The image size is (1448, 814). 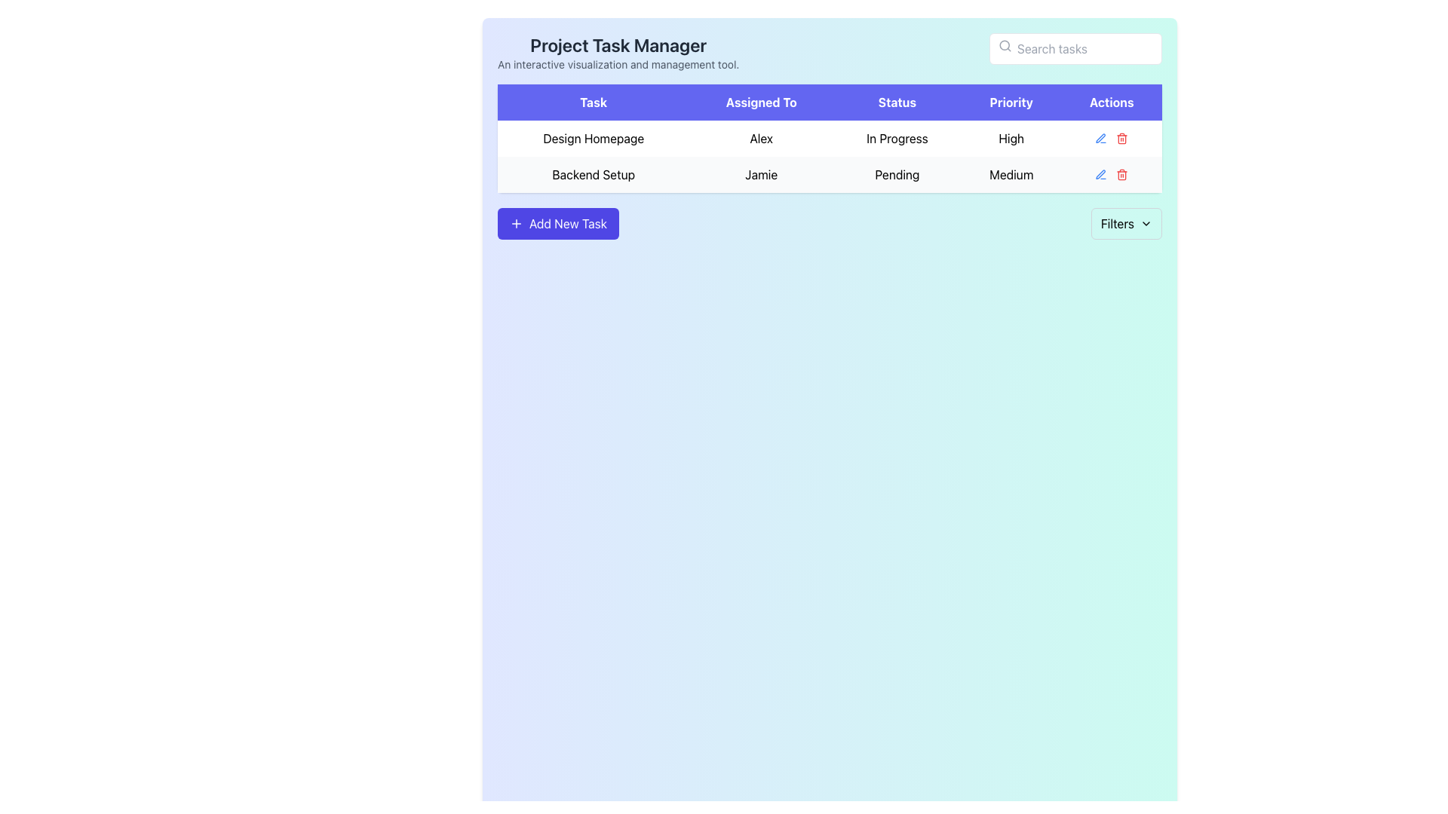 What do you see at coordinates (618, 51) in the screenshot?
I see `displayed text from the title and description Text Block located at the top center-left of the application interface, above the search box and to the left of the task table header` at bounding box center [618, 51].